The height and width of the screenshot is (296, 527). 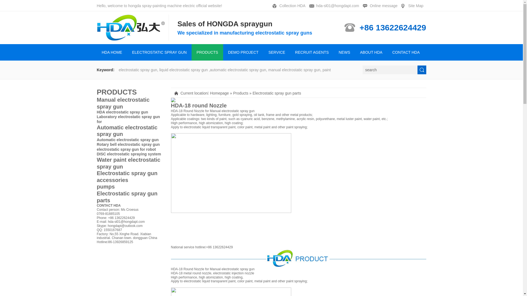 I want to click on 'ELECTROSTATIC SPRAY GUN', so click(x=159, y=52).